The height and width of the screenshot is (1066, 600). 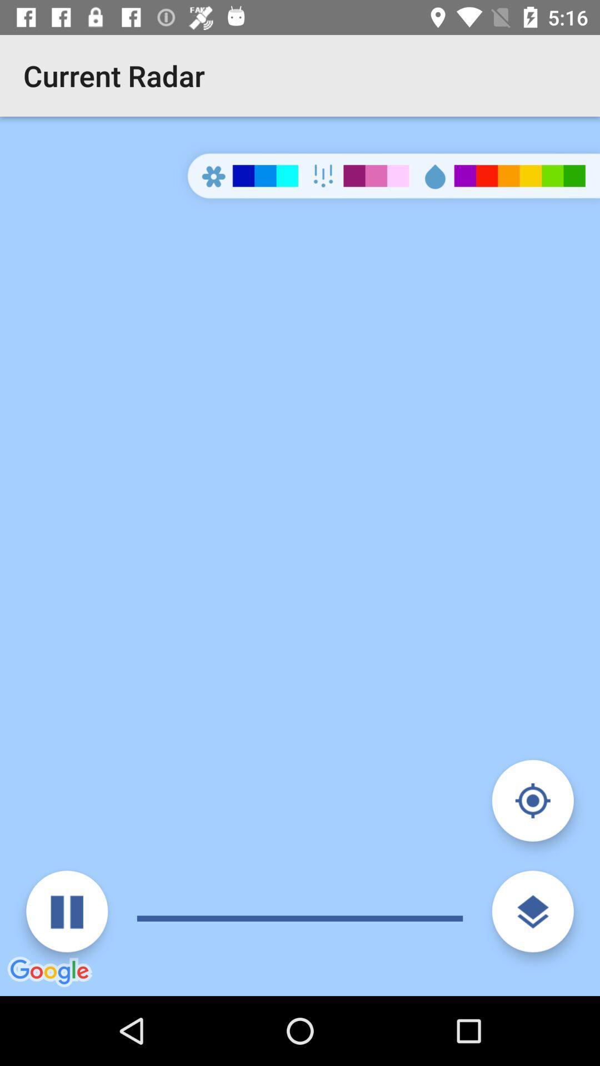 What do you see at coordinates (300, 556) in the screenshot?
I see `the icon below the current radar` at bounding box center [300, 556].